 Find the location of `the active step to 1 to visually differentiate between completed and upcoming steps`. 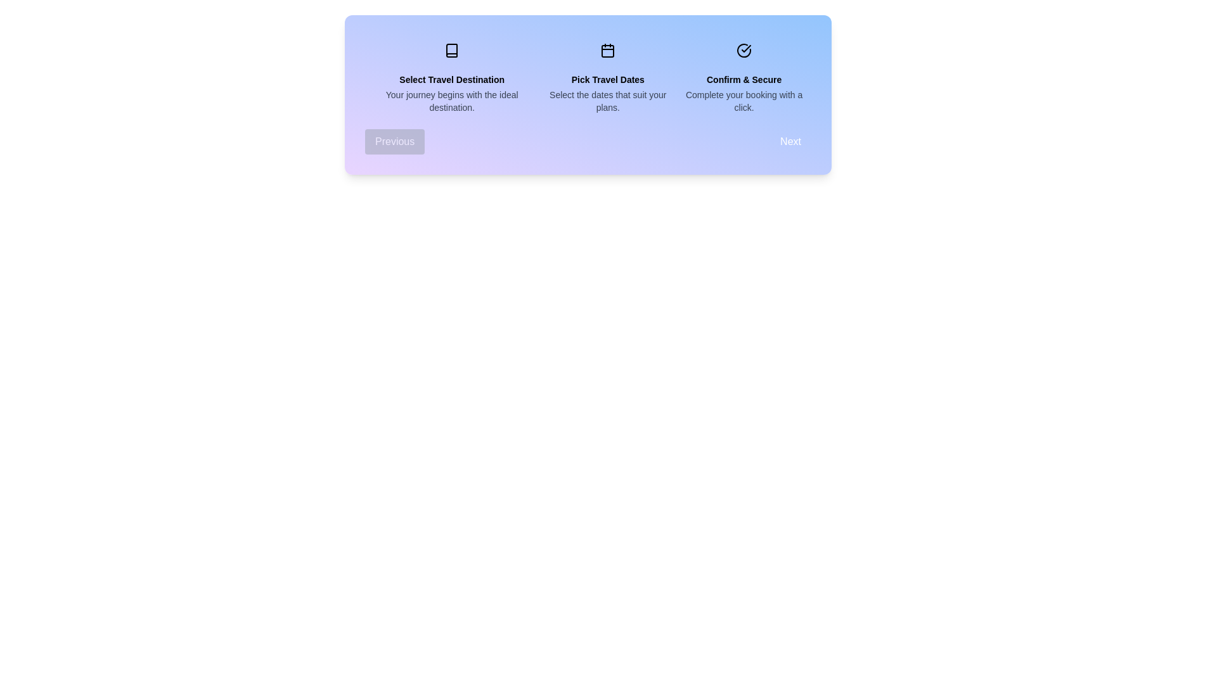

the active step to 1 to visually differentiate between completed and upcoming steps is located at coordinates (607, 50).